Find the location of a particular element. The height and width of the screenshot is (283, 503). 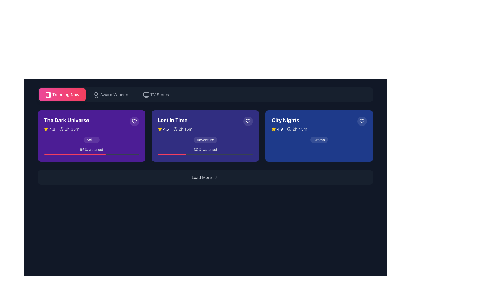

the television icon located in the 'TV Series' section of the top navigation bar to trigger a tooltip or visual state change is located at coordinates (146, 95).